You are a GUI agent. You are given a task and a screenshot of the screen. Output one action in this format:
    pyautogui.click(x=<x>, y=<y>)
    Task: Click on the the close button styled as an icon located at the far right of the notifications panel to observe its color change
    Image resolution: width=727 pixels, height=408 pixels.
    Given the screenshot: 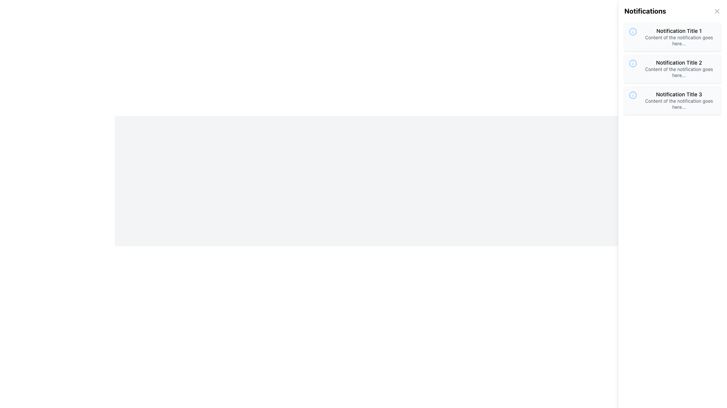 What is the action you would take?
    pyautogui.click(x=717, y=11)
    